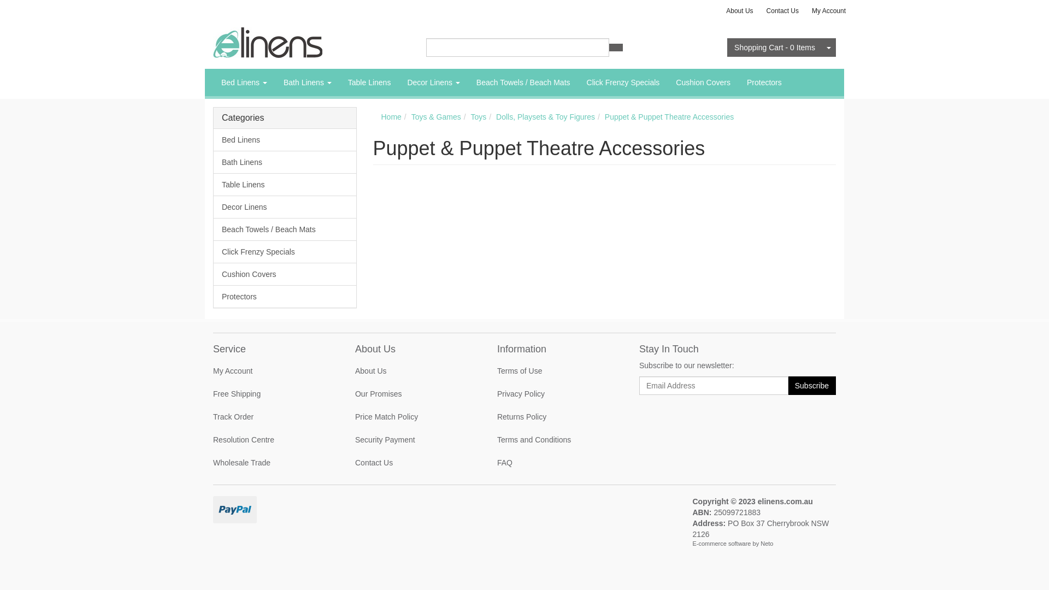  Describe the element at coordinates (556, 370) in the screenshot. I see `'Terms of Use'` at that location.